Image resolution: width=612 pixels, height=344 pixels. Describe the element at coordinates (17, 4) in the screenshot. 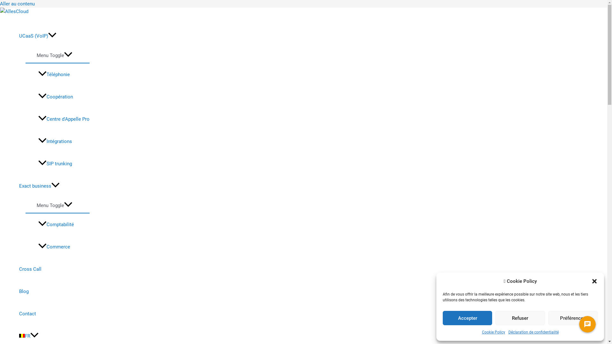

I see `'Aller au contenu'` at that location.